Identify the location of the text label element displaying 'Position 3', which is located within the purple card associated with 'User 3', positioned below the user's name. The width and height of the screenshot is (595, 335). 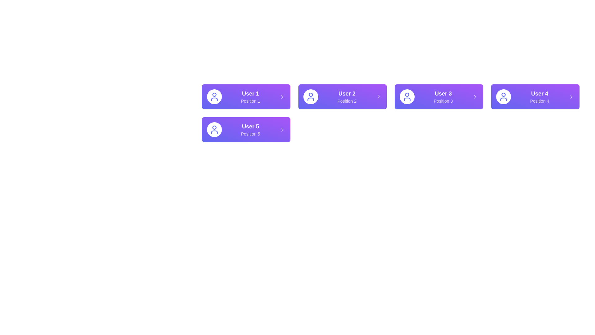
(443, 101).